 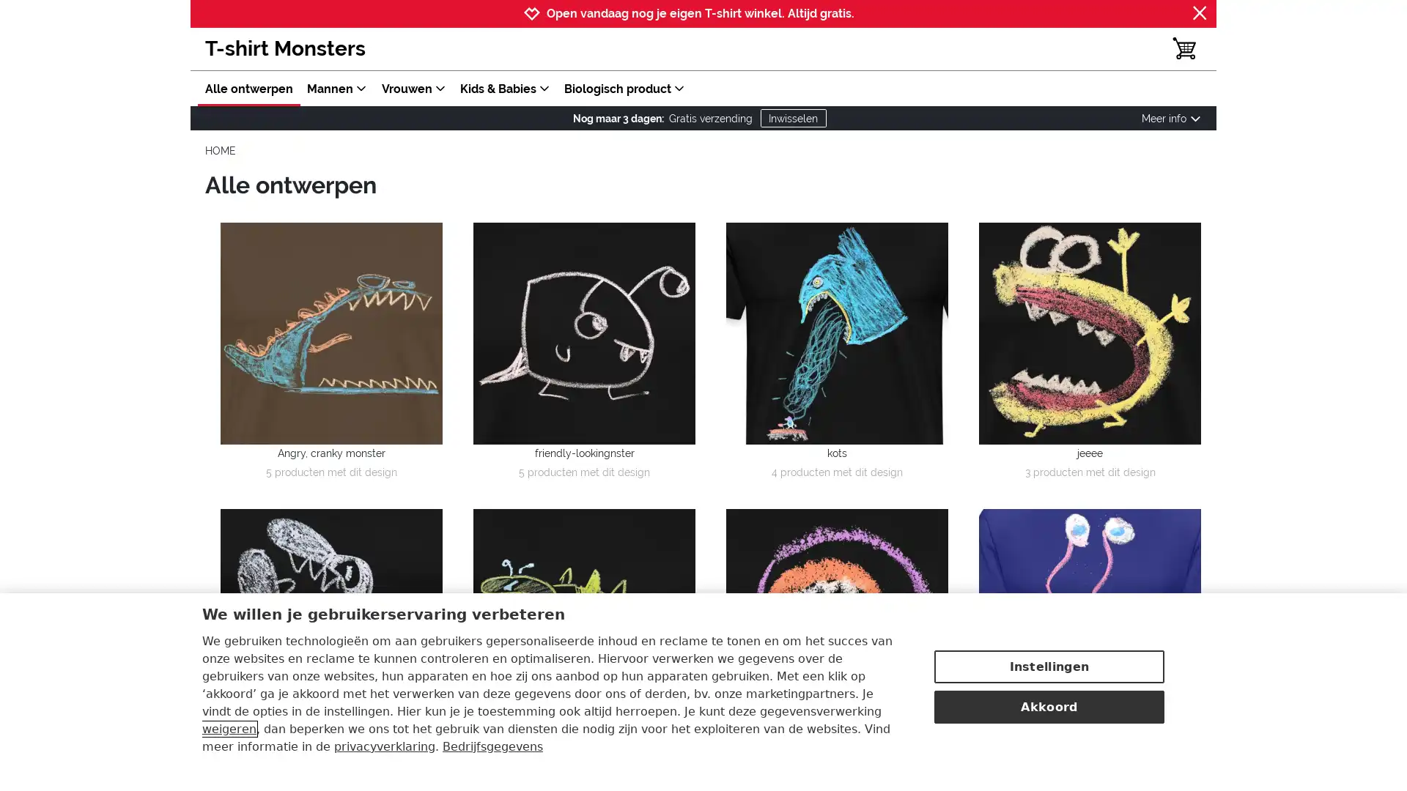 What do you see at coordinates (1170, 118) in the screenshot?
I see `Meer info` at bounding box center [1170, 118].